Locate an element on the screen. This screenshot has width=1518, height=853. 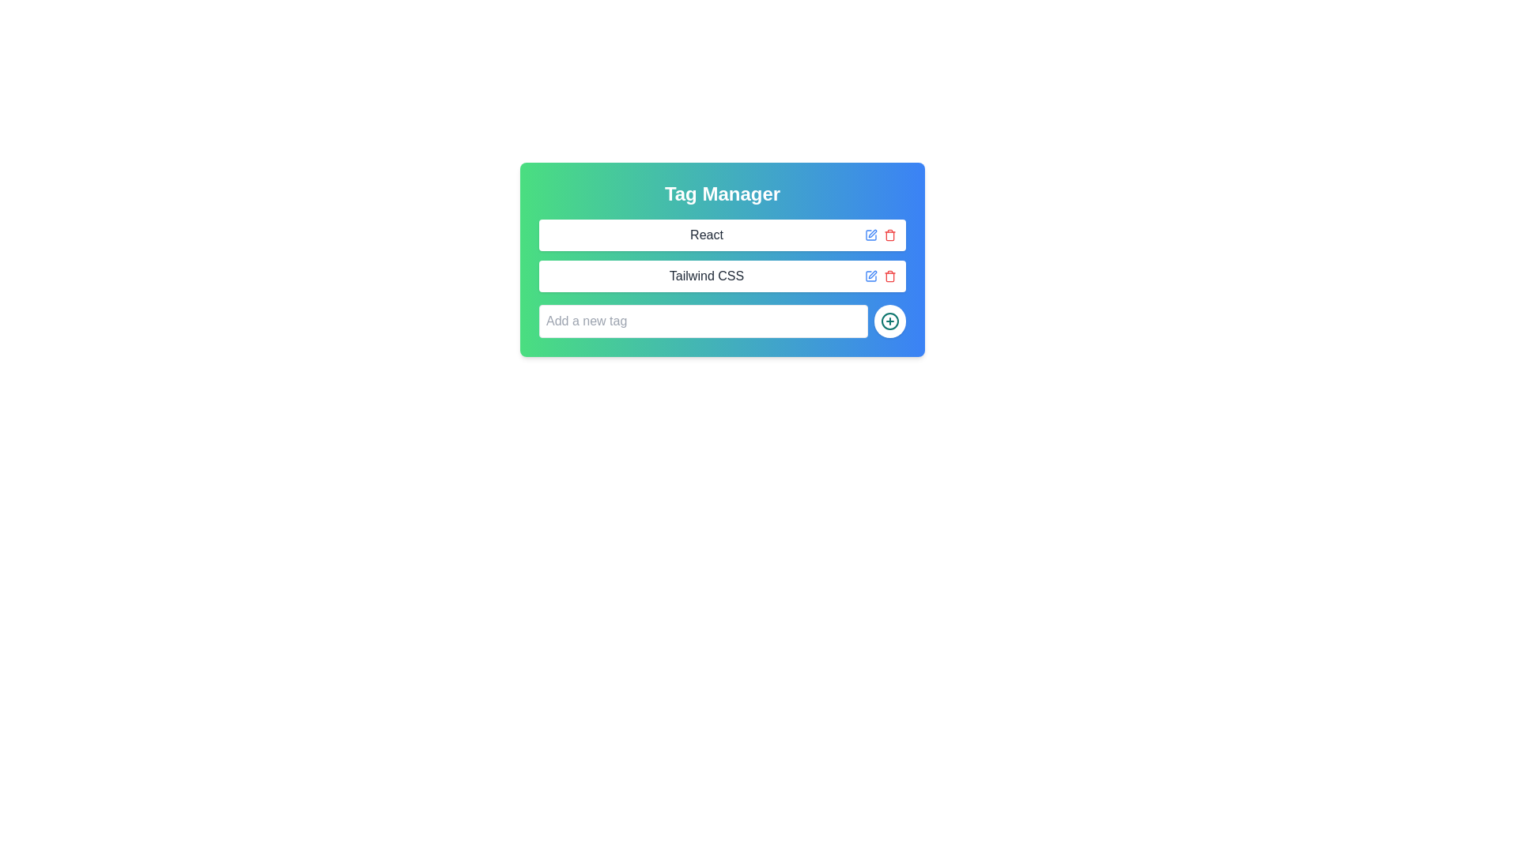
an individual text or icon within the Group of tags located below the 'Tag Manager' title and above the 'Add a new tag' input box is located at coordinates (721, 255).